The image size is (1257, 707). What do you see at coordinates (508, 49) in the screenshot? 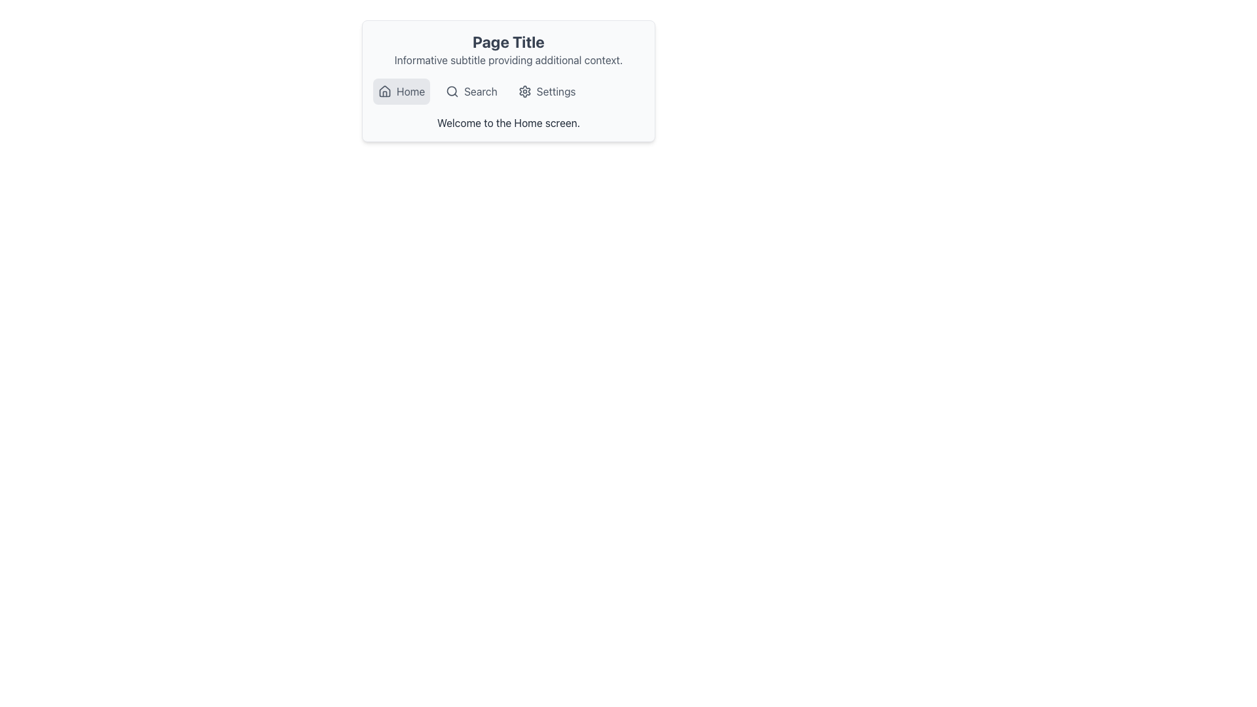
I see `the text block titled 'Page Title' with subtitle` at bounding box center [508, 49].